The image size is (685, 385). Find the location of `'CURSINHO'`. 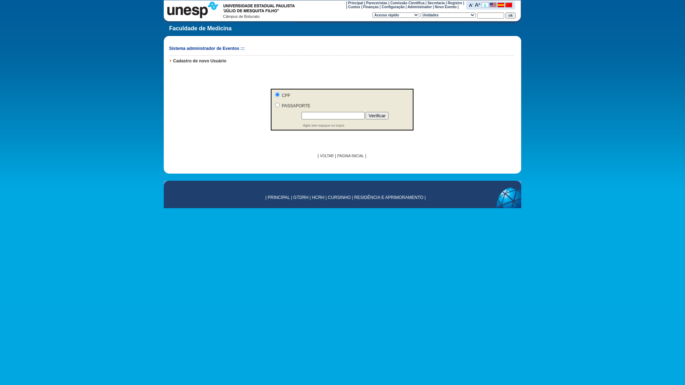

'CURSINHO' is located at coordinates (339, 197).